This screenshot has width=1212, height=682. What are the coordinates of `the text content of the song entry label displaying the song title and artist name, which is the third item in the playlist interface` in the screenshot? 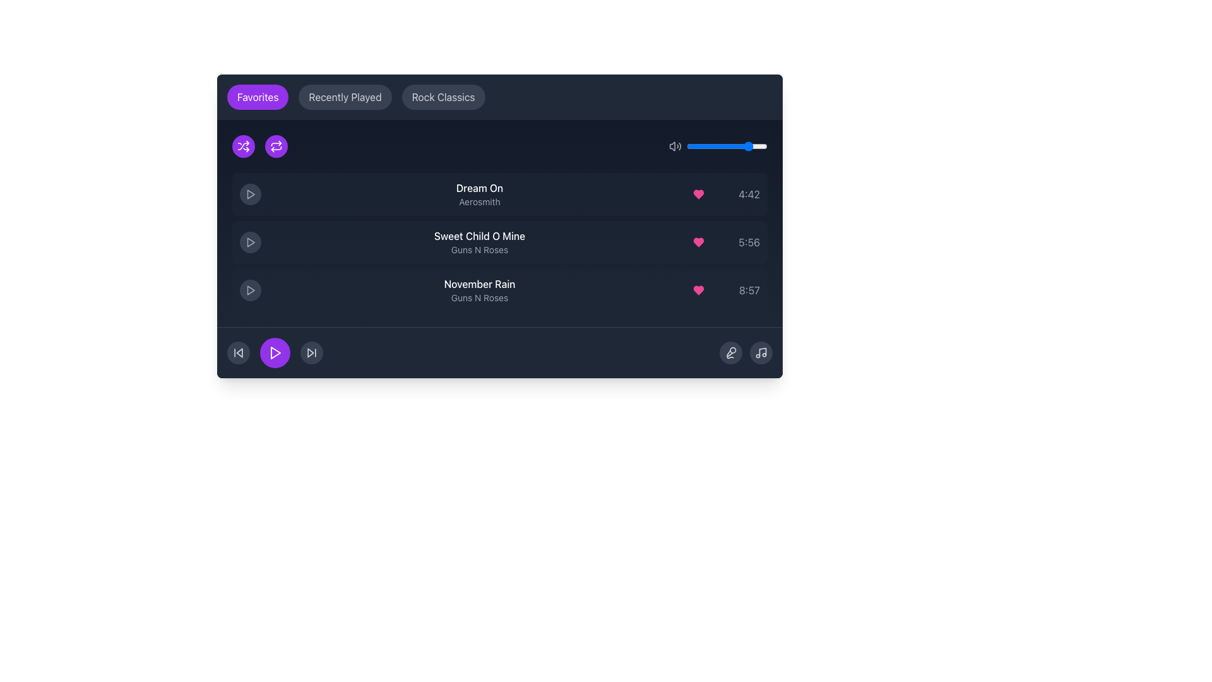 It's located at (478, 290).